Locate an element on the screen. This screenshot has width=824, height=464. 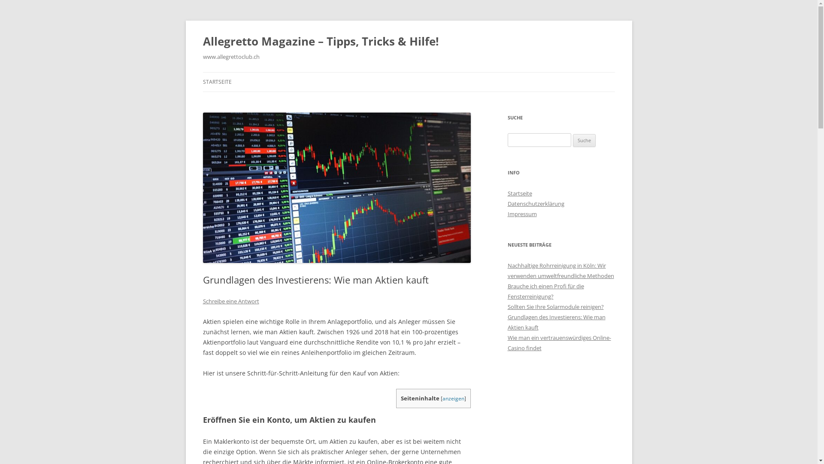
'Grundlagen des Investierens: Wie man Aktien kauft' is located at coordinates (556, 322).